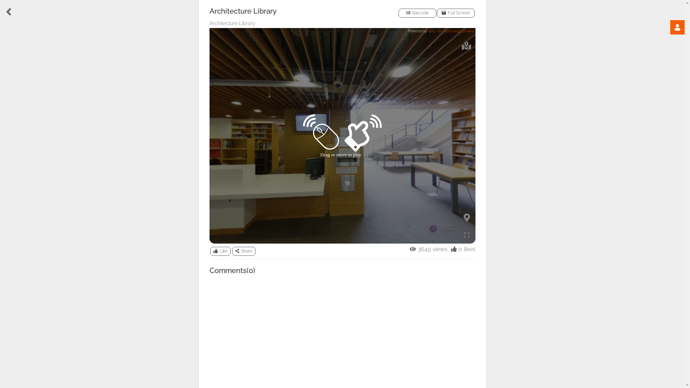  Describe the element at coordinates (232, 251) in the screenshot. I see `'Share'` at that location.